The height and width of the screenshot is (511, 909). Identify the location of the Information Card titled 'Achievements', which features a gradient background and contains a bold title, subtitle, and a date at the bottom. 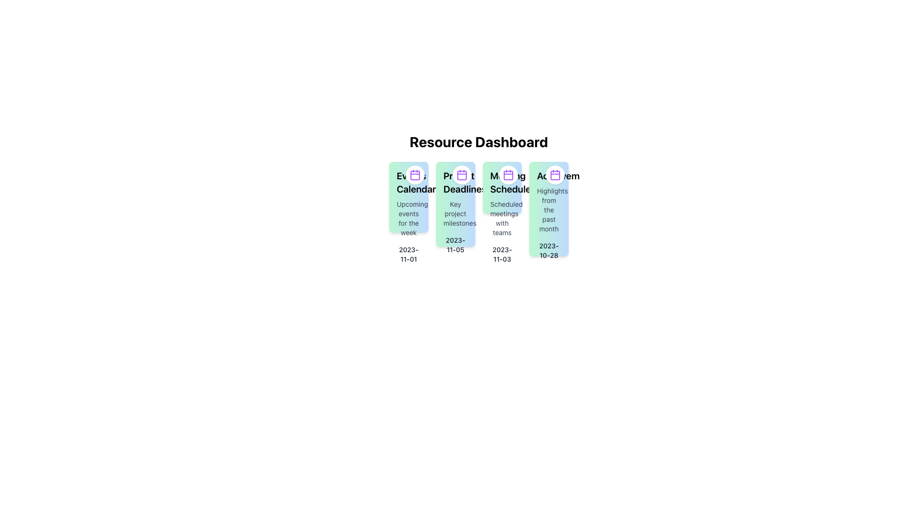
(549, 209).